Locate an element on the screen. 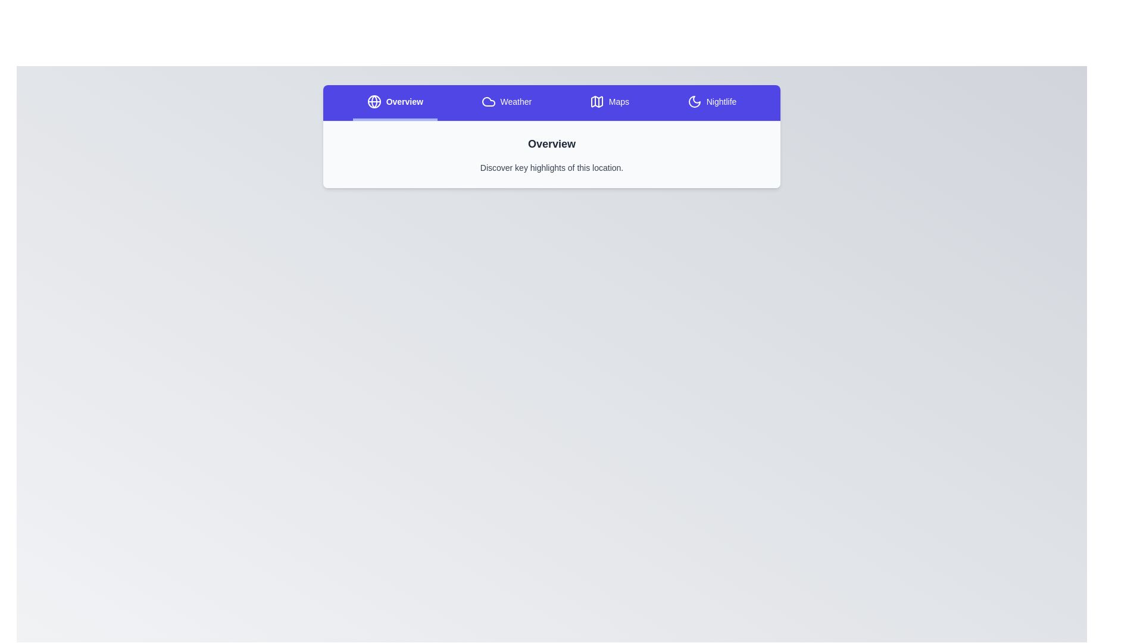 The width and height of the screenshot is (1143, 643). the Weather tab is located at coordinates (506, 102).